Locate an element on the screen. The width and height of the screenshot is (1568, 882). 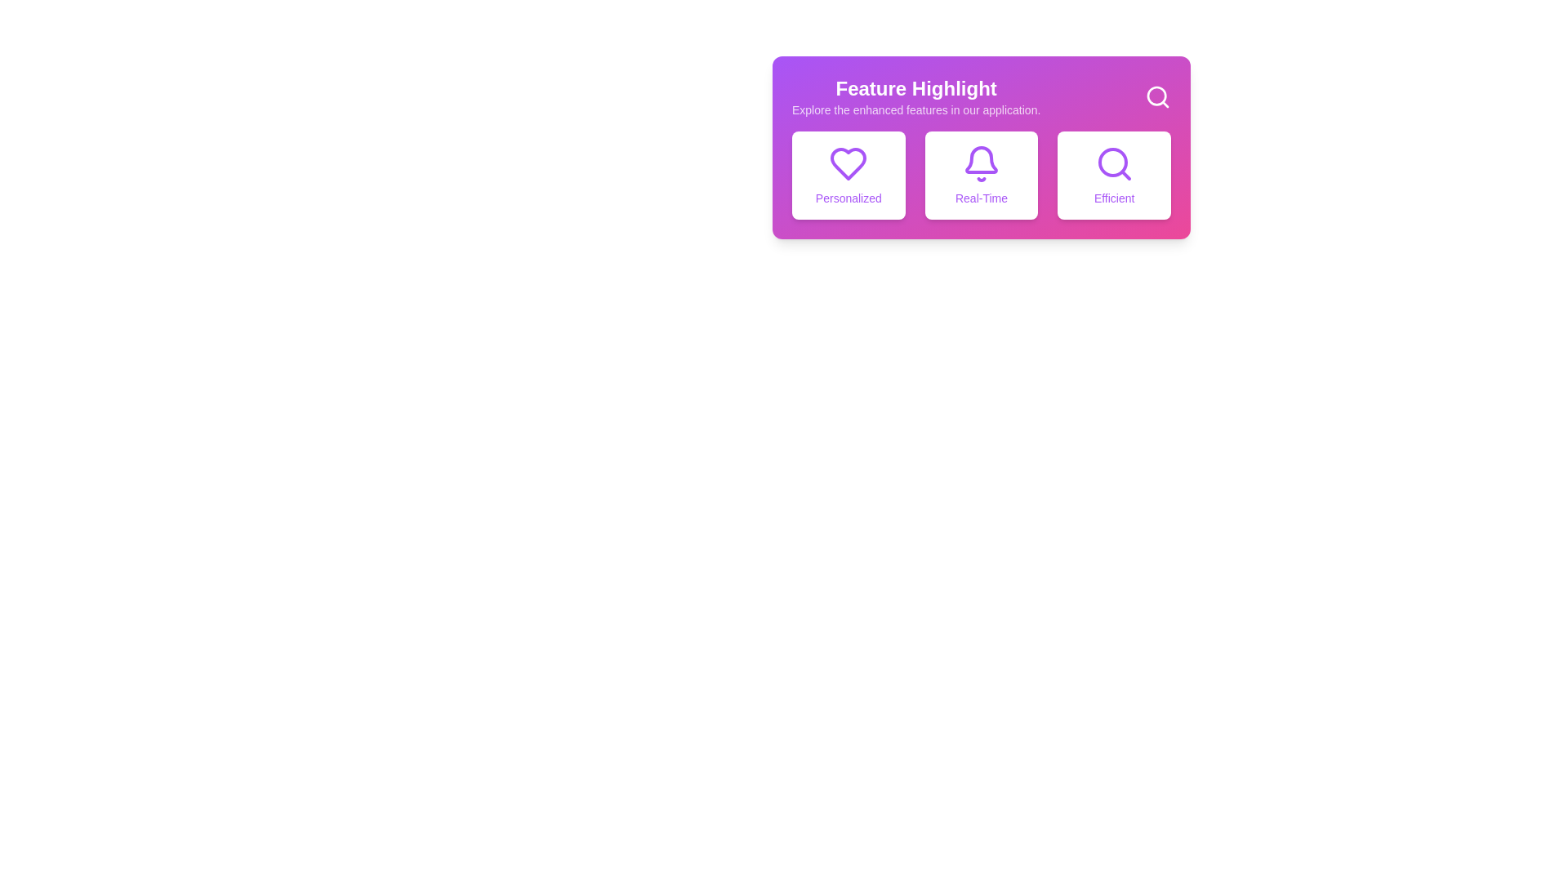
the icons within the Informational card with a gradient style to learn more about the key features it presents, which are located above the feature blocks labeled 'Personalized', 'Real-Time', and 'Efficient' is located at coordinates (980, 148).